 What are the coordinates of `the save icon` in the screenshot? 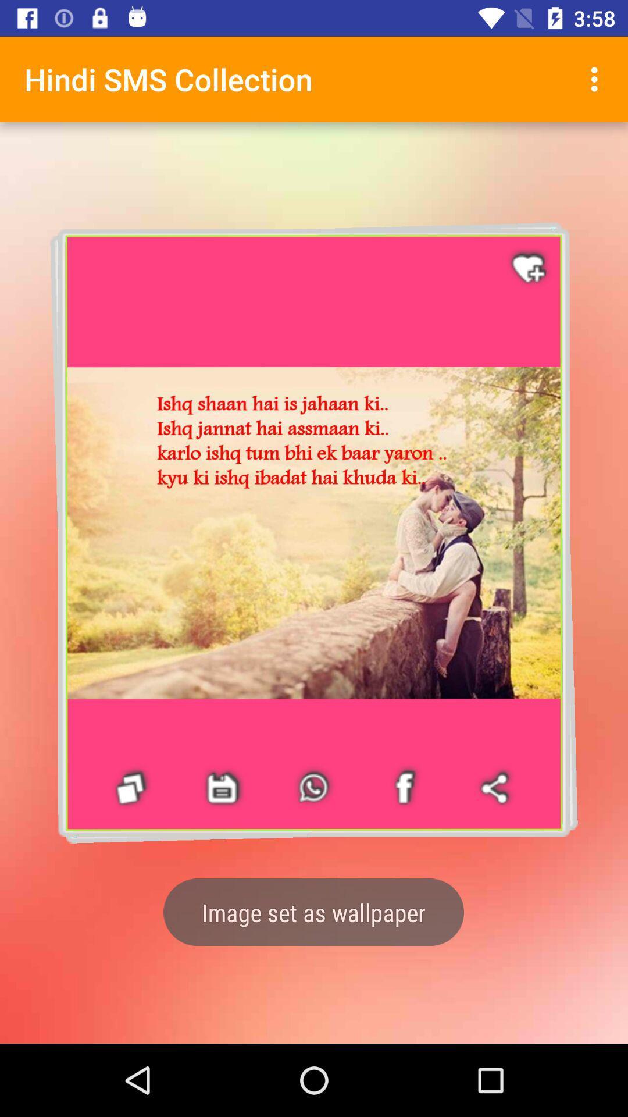 It's located at (222, 788).